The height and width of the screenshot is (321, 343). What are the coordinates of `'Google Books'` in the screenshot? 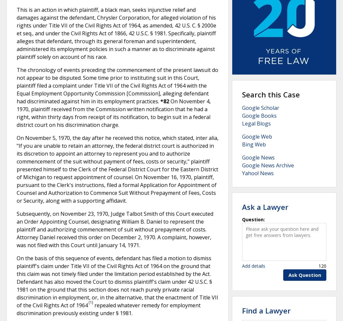 It's located at (241, 116).